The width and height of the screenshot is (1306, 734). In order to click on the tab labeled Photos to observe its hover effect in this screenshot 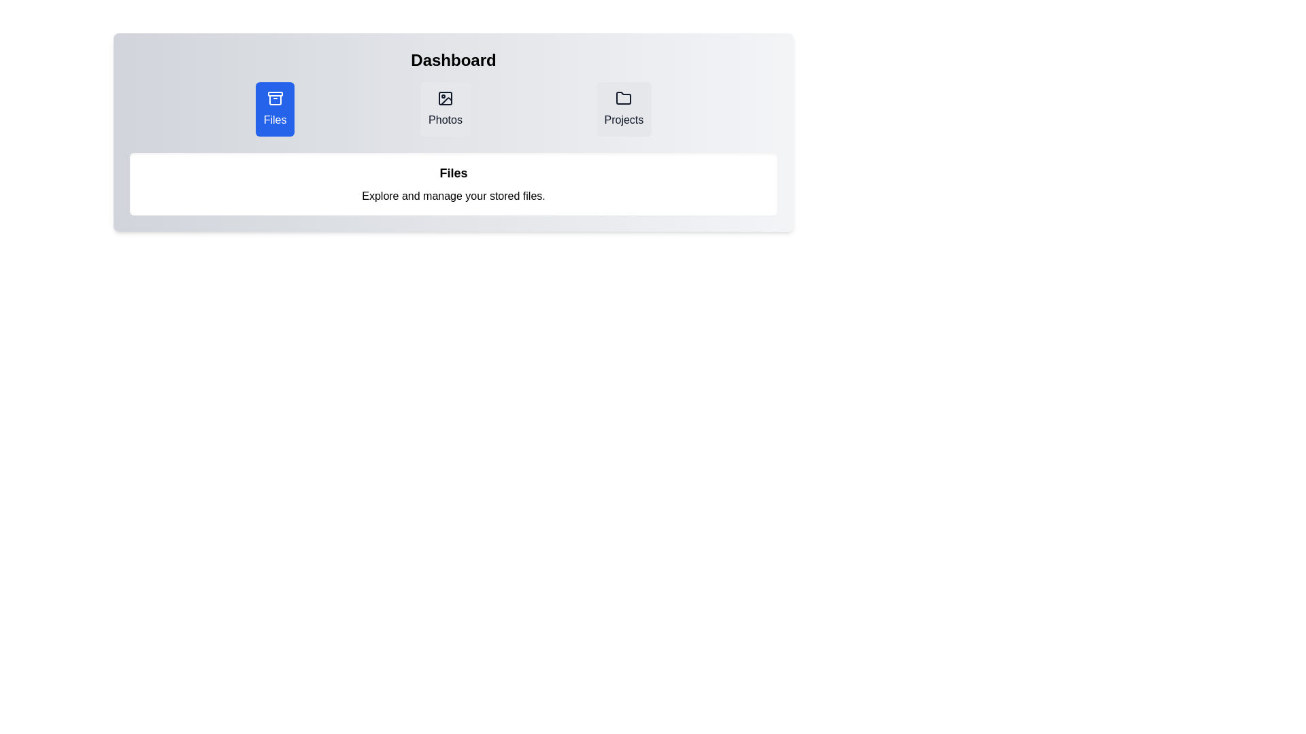, I will do `click(445, 109)`.